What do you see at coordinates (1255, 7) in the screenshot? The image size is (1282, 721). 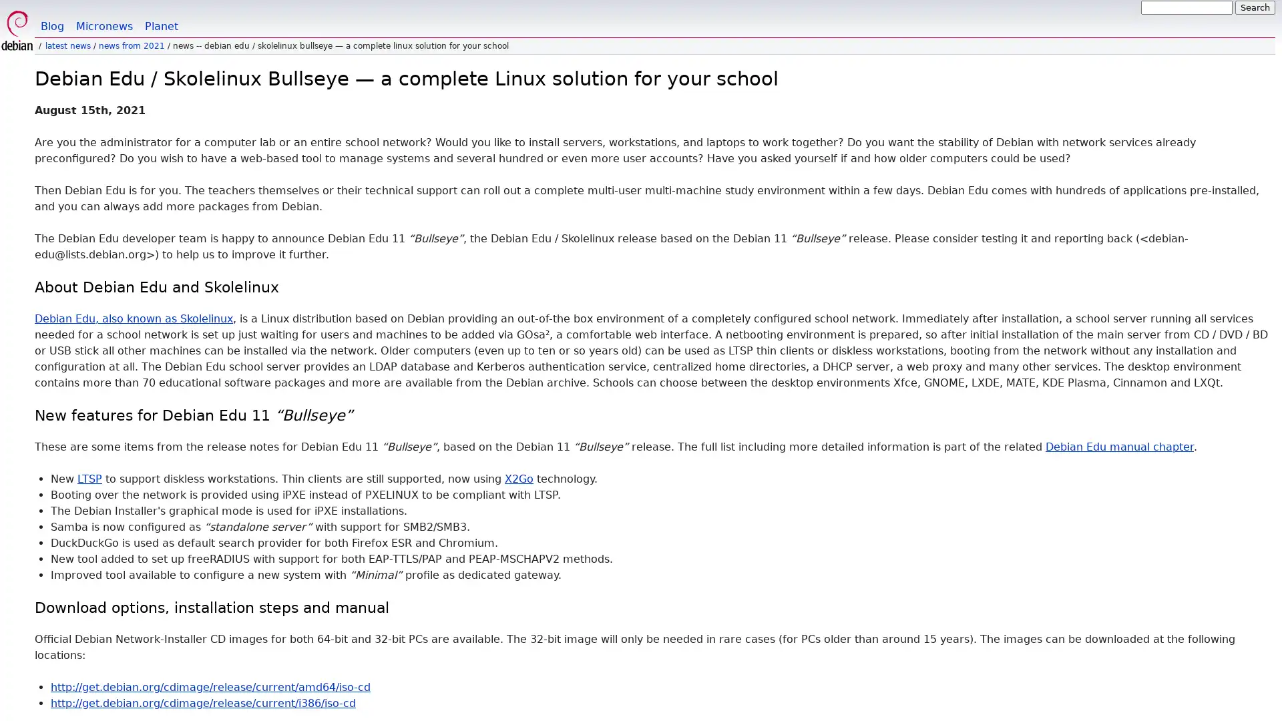 I see `Search` at bounding box center [1255, 7].